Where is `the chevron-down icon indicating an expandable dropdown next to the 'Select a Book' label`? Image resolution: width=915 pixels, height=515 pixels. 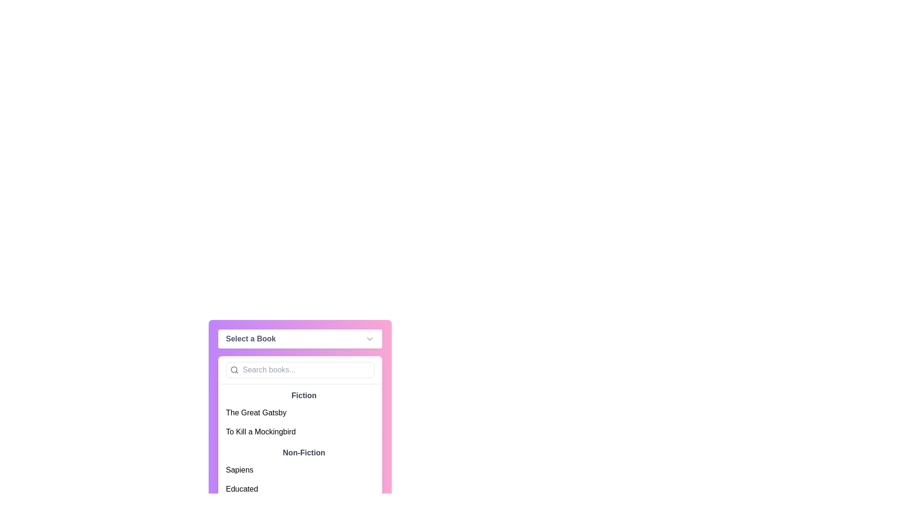 the chevron-down icon indicating an expandable dropdown next to the 'Select a Book' label is located at coordinates (369, 338).